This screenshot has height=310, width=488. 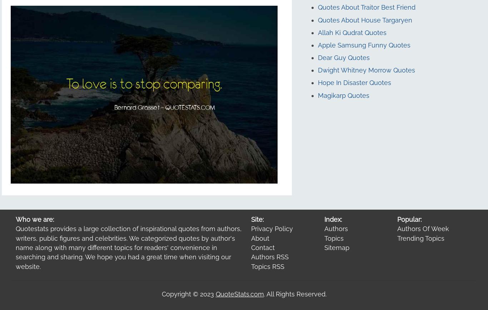 What do you see at coordinates (364, 44) in the screenshot?
I see `'Apple Samsung Funny Quotes'` at bounding box center [364, 44].